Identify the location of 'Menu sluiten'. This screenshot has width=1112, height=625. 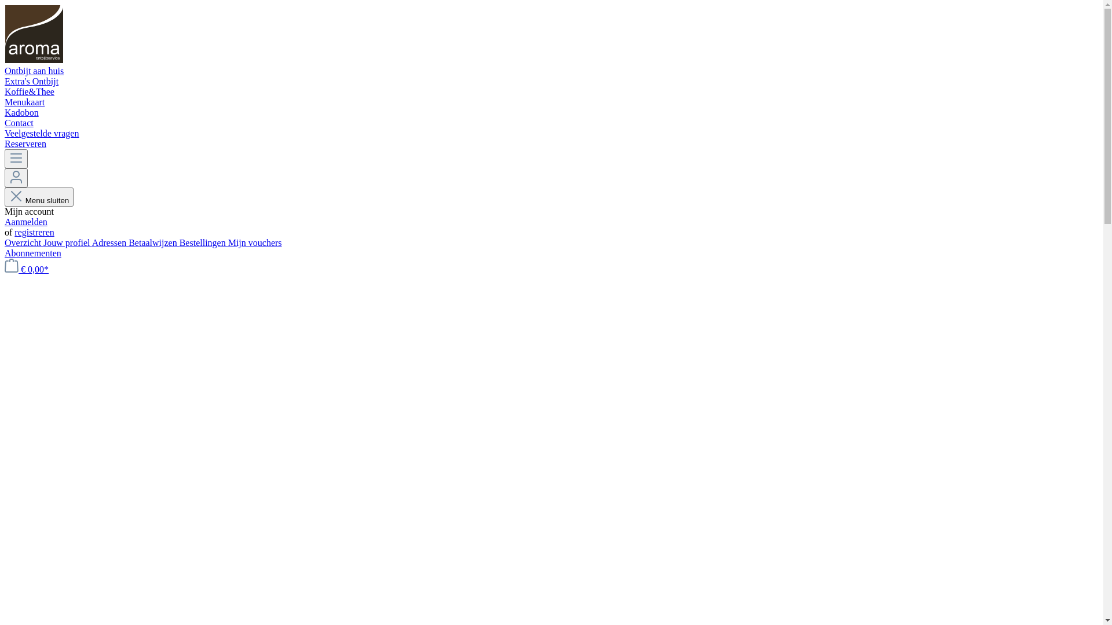
(39, 196).